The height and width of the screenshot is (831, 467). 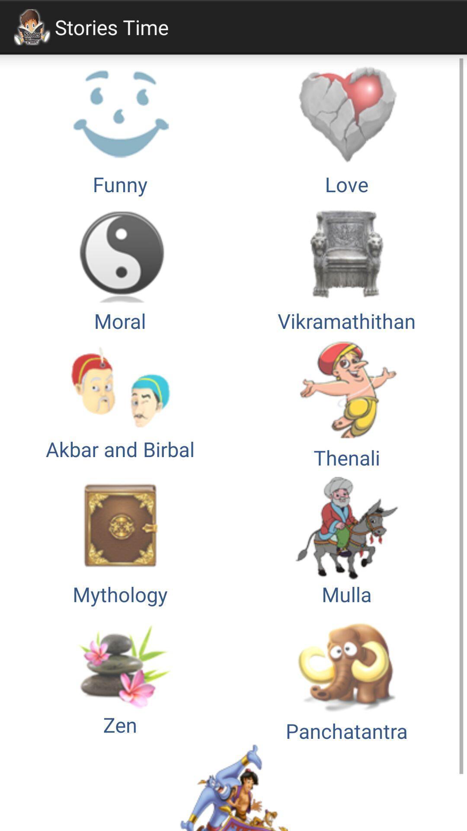 I want to click on the vikramathithan image which is in second row second column, so click(x=346, y=266).